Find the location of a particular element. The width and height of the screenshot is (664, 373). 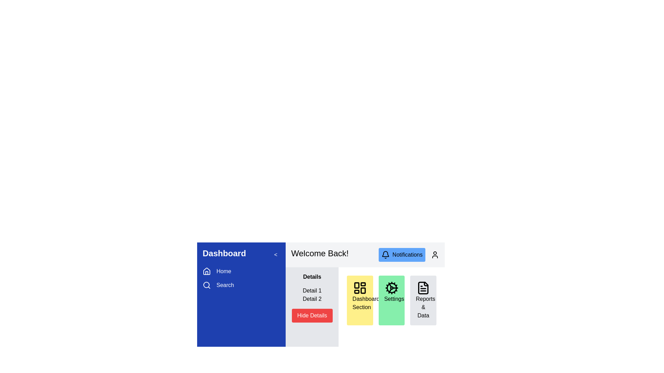

the dashboard icon, which is a graphical icon resembling a dashboard layout with a black outline on a yellow background is located at coordinates (360, 288).